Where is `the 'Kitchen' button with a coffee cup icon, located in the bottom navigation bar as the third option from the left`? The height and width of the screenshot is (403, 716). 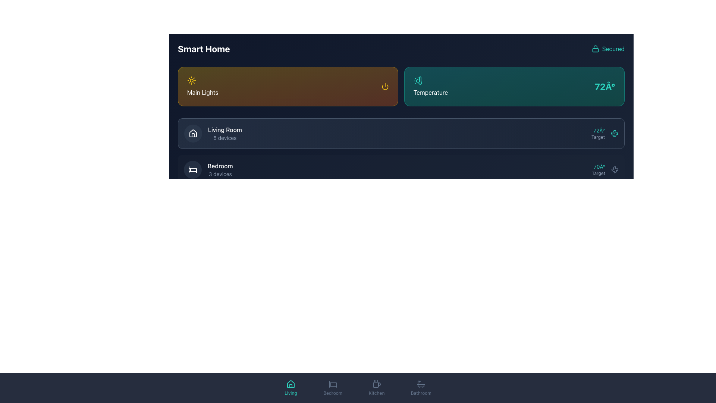
the 'Kitchen' button with a coffee cup icon, located in the bottom navigation bar as the third option from the left is located at coordinates (377, 388).